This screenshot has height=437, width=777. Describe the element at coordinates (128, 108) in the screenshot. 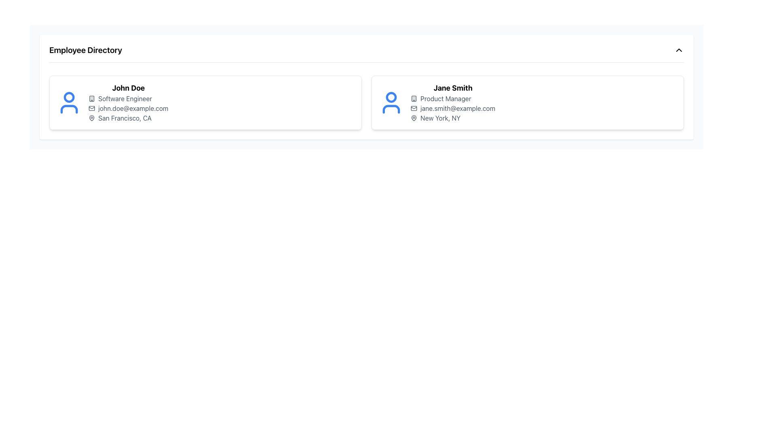

I see `email address displayed in the text element below 'Software Engineer' for employee 'John Doe' in the employee directory` at that location.